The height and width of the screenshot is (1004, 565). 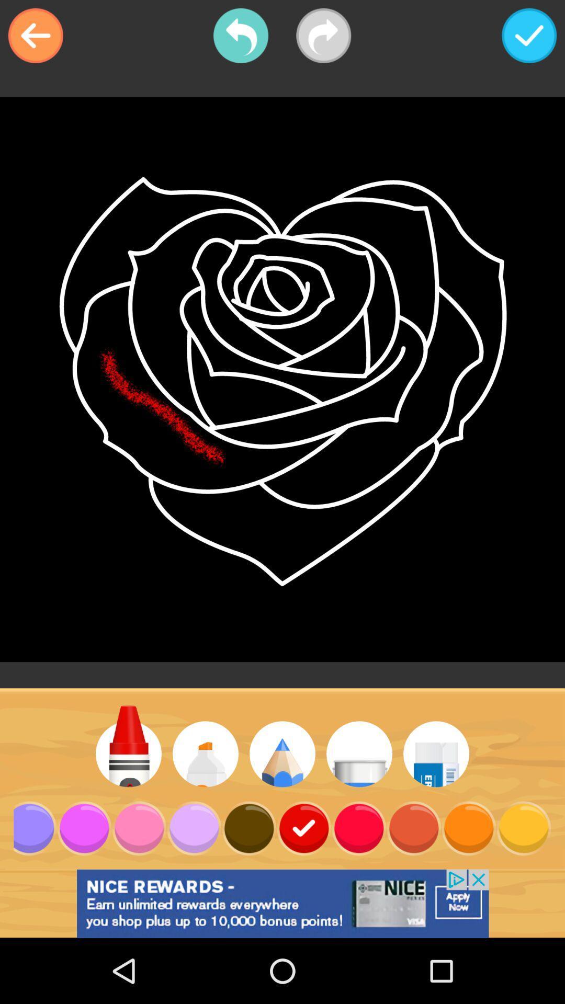 I want to click on the arrow_backward icon, so click(x=35, y=36).